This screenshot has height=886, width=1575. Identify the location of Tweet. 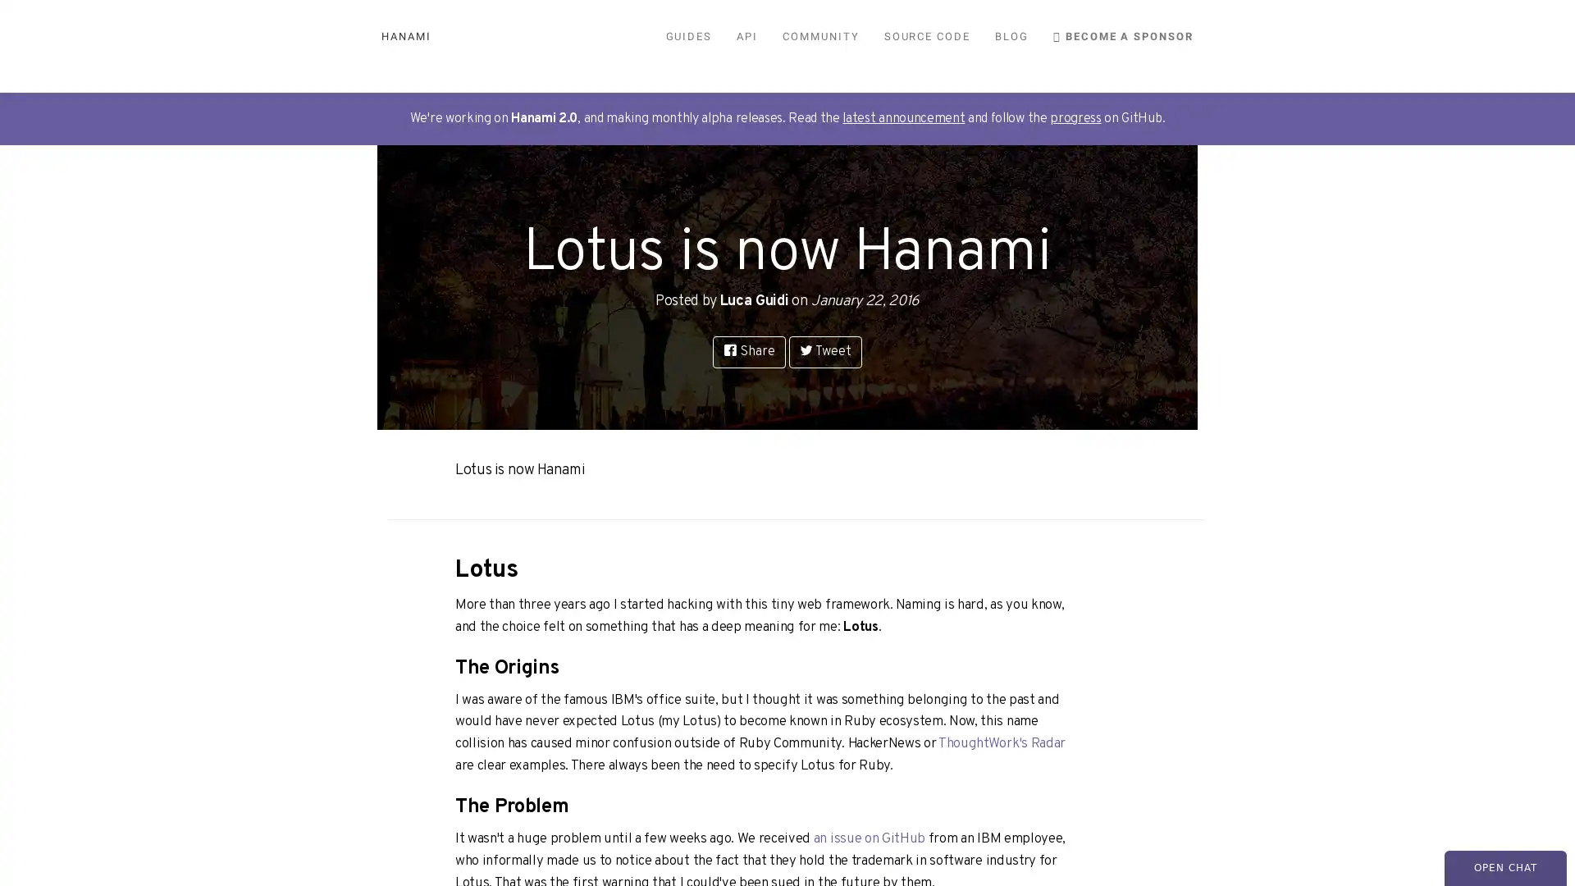
(824, 350).